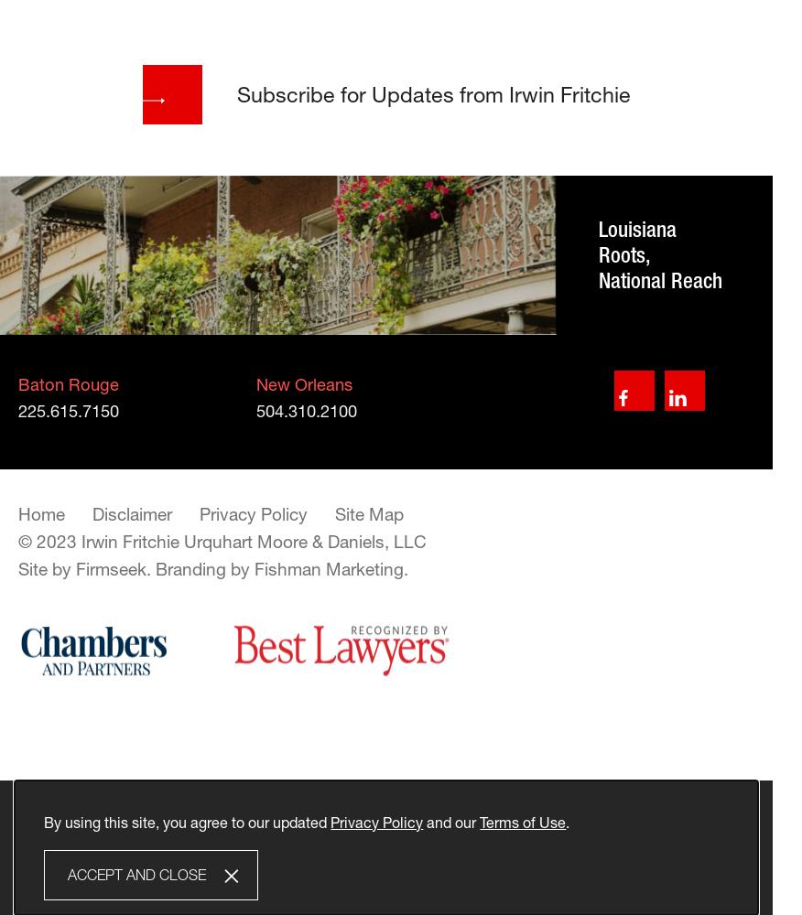 The image size is (802, 915). What do you see at coordinates (521, 821) in the screenshot?
I see `'Terms of Use'` at bounding box center [521, 821].